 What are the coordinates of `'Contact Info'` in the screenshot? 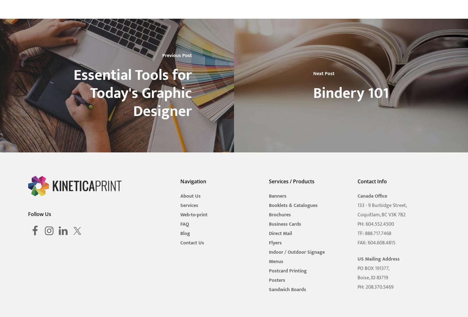 It's located at (357, 181).